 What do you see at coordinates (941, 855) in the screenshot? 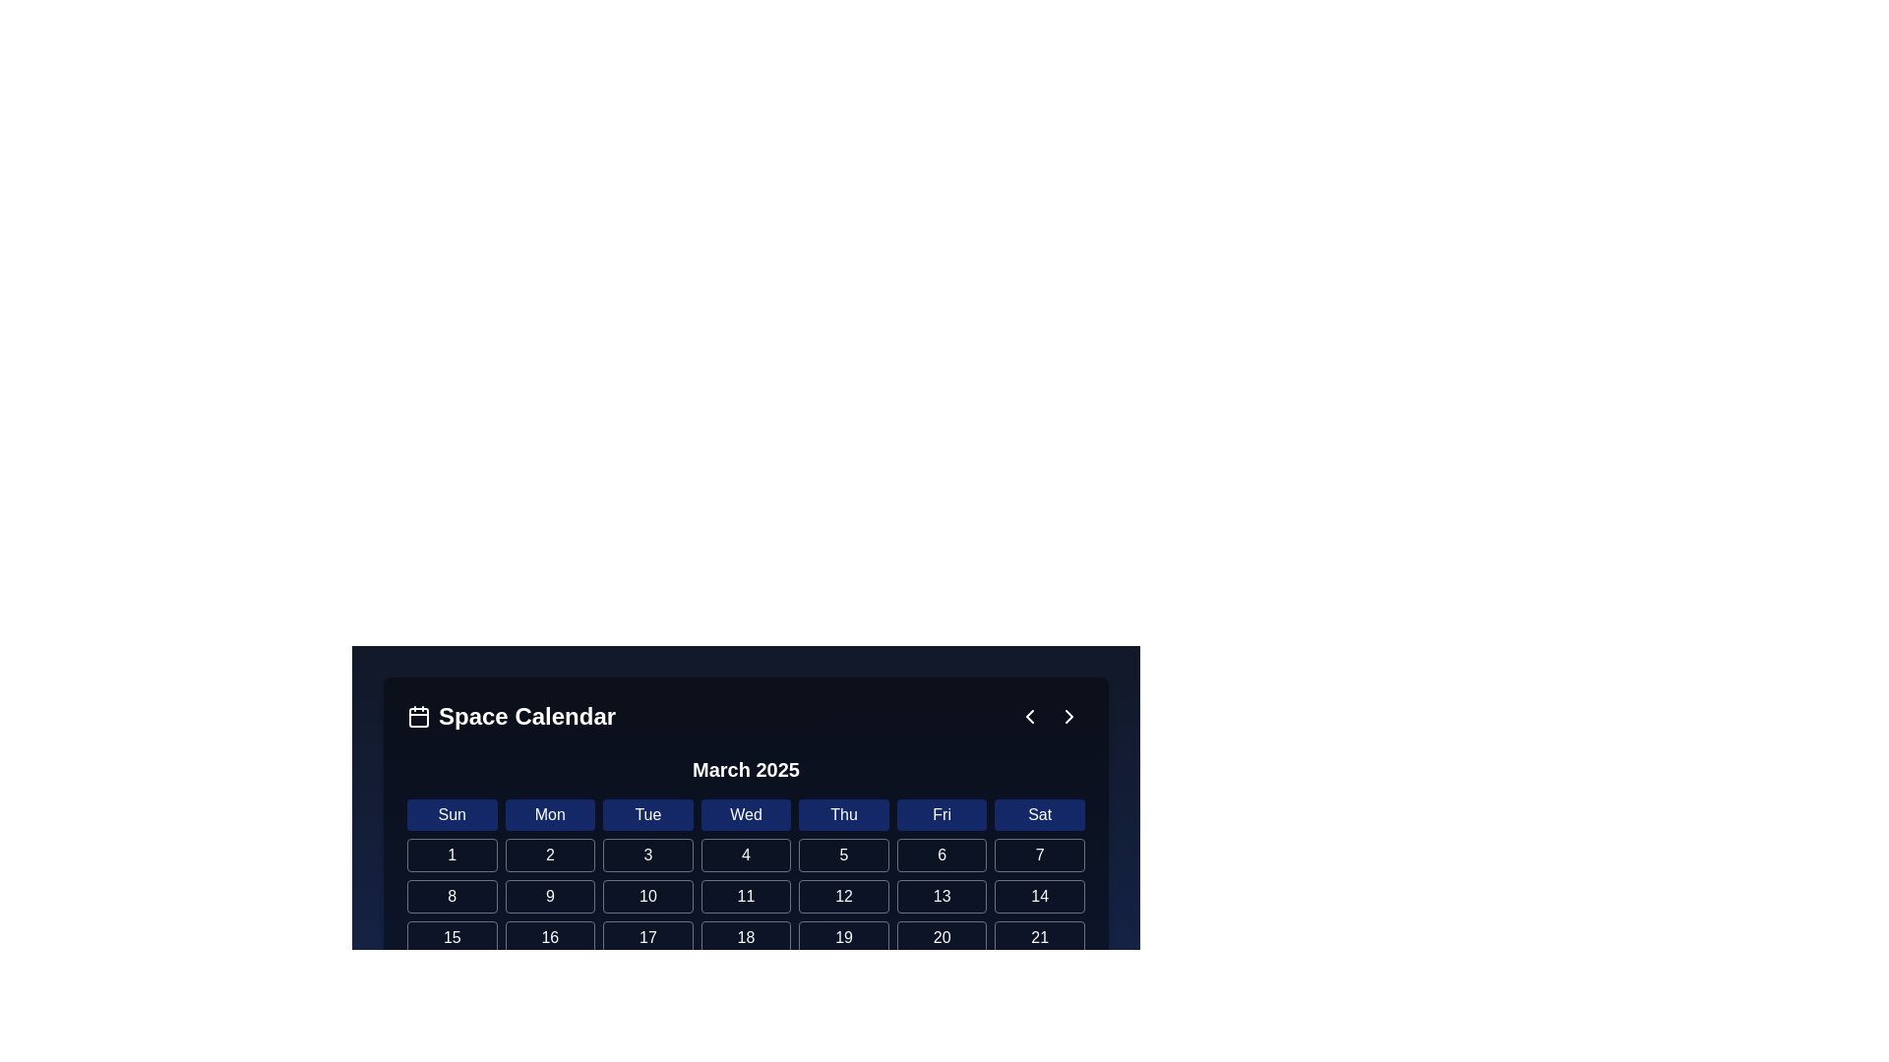
I see `the grid cell representing the 6th day in the calendar under the 'Fri' column` at bounding box center [941, 855].